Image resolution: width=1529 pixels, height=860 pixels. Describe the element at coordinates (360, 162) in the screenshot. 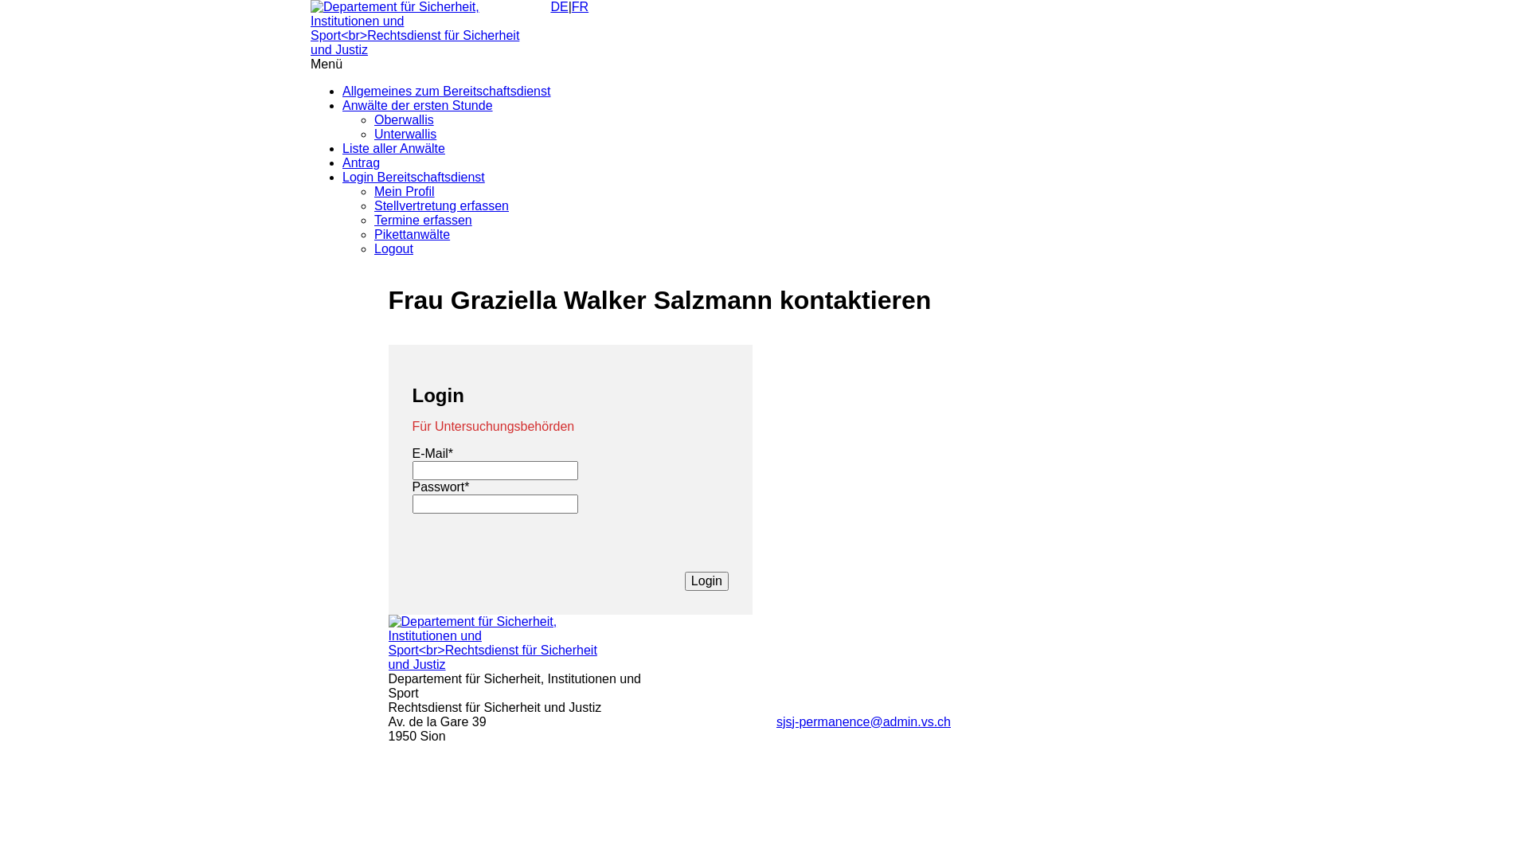

I see `'Antrag'` at that location.